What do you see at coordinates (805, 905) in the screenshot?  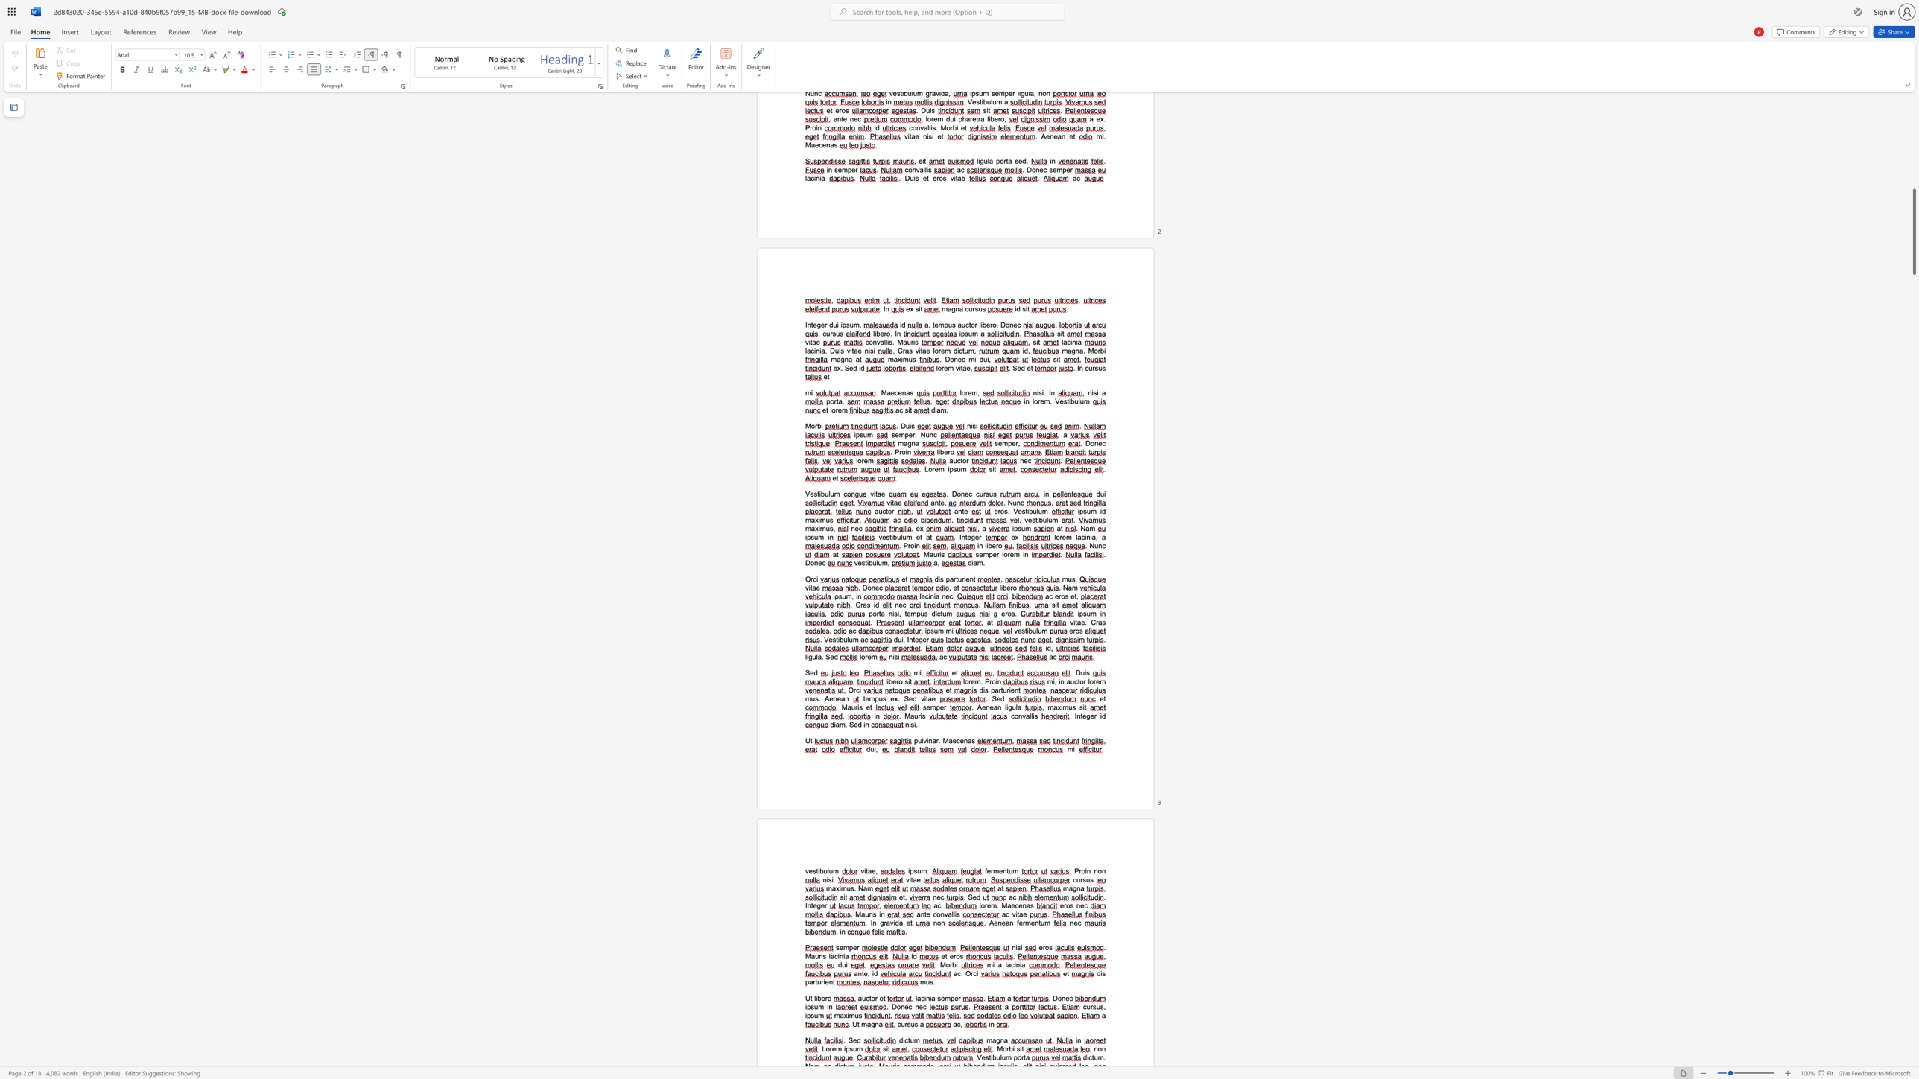 I see `the 1th character "I" in the text` at bounding box center [805, 905].